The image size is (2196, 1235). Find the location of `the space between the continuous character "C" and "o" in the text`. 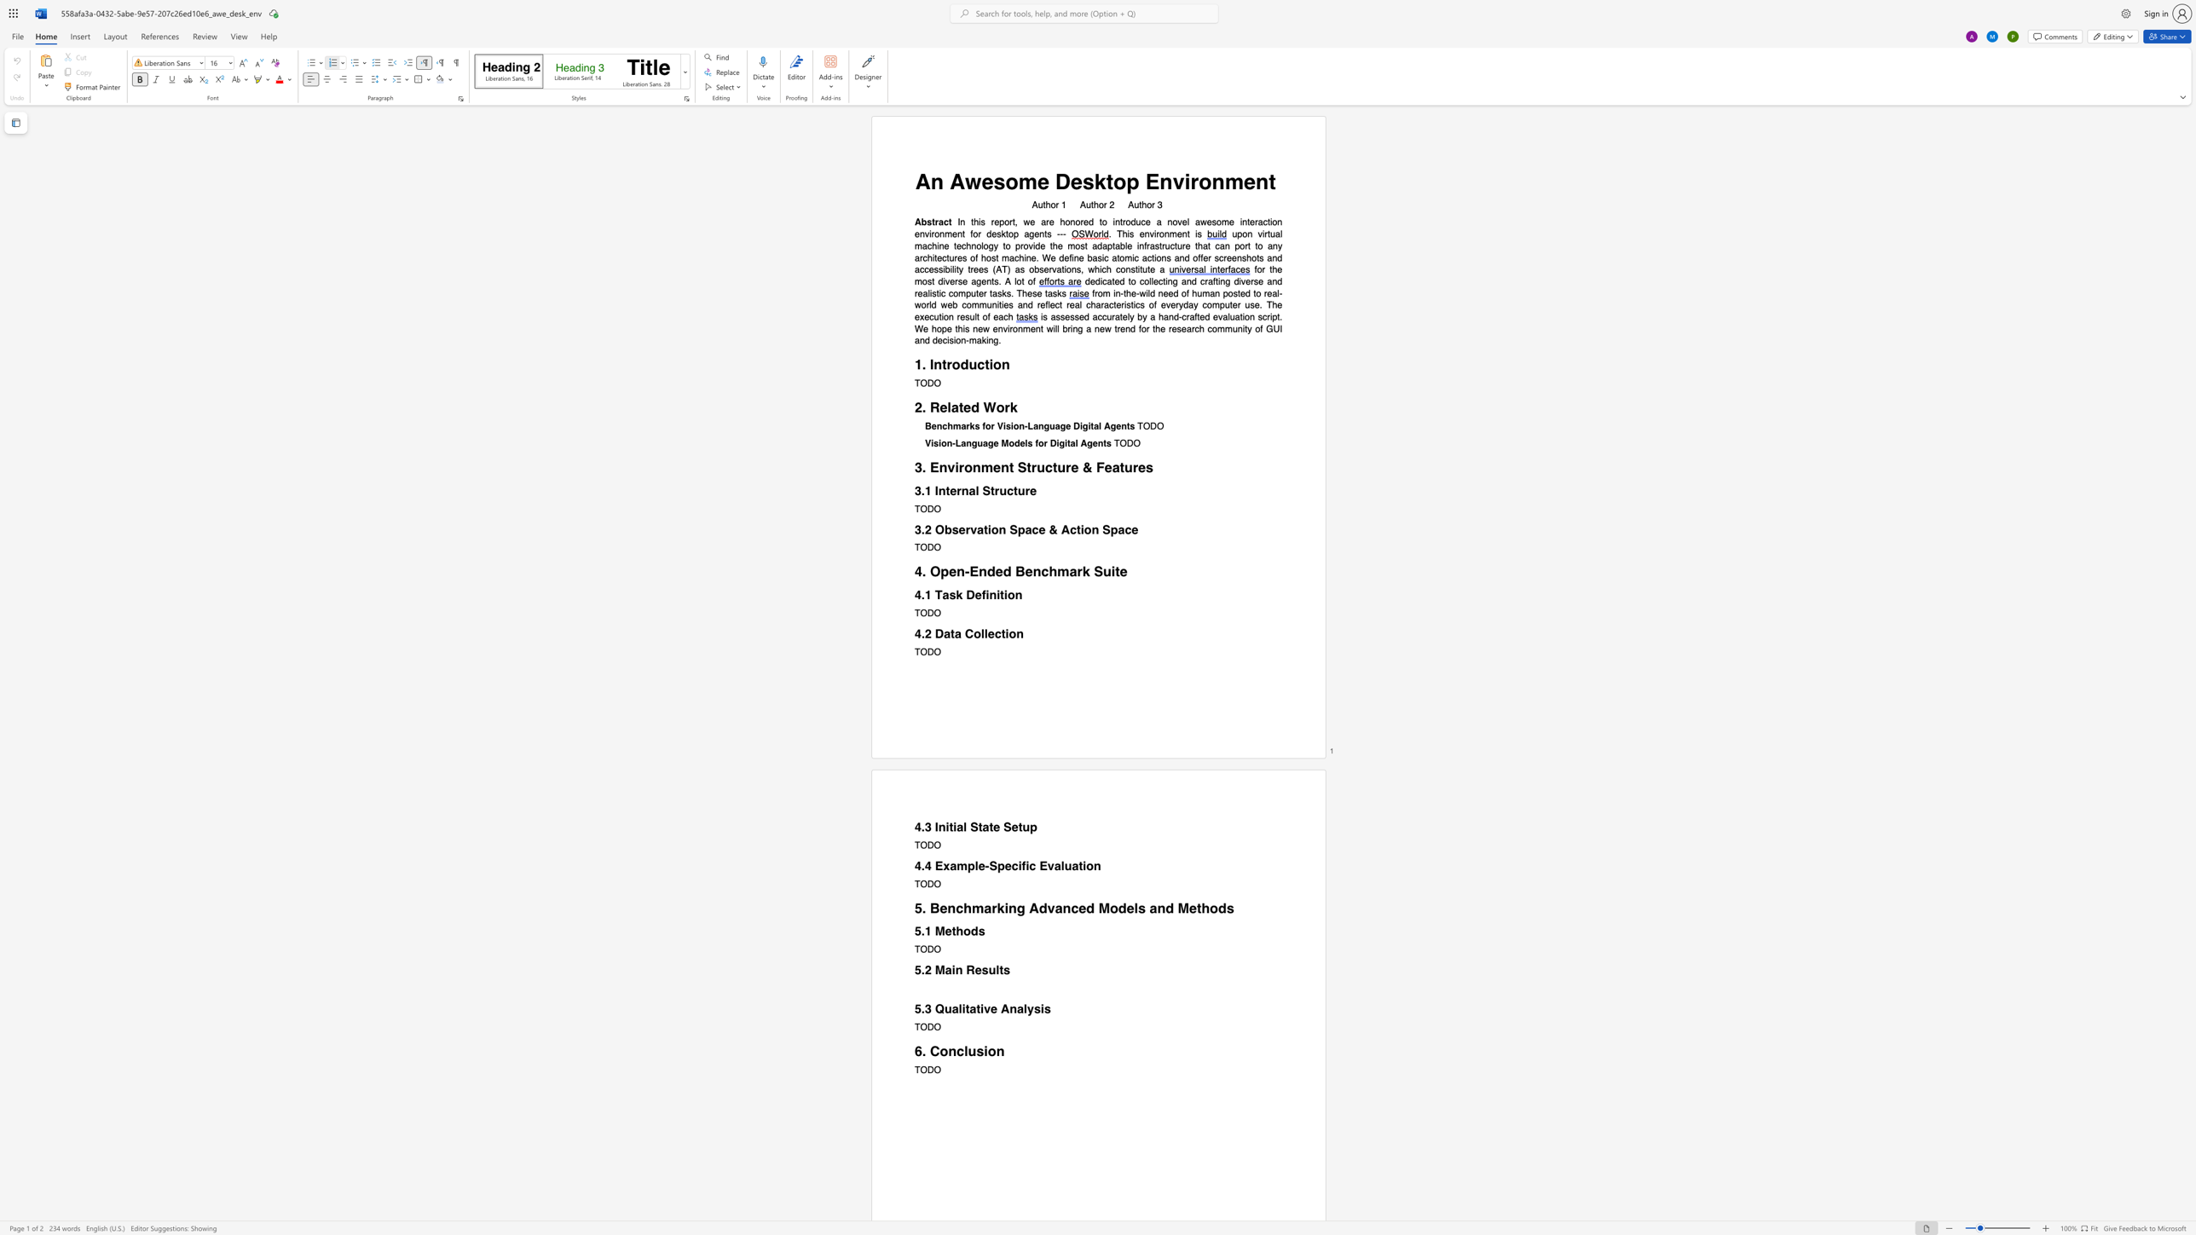

the space between the continuous character "C" and "o" in the text is located at coordinates (939, 1050).